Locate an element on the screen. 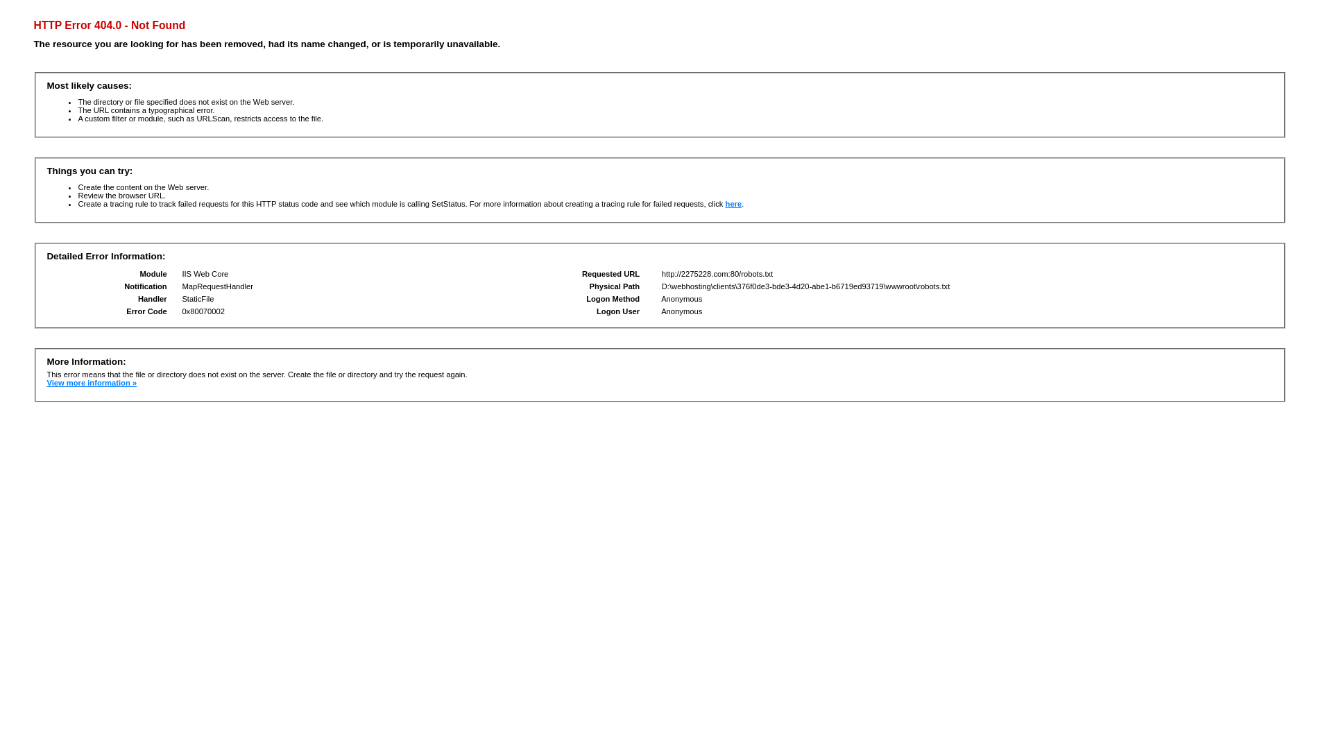 The width and height of the screenshot is (1332, 749). 'here' is located at coordinates (725, 203).